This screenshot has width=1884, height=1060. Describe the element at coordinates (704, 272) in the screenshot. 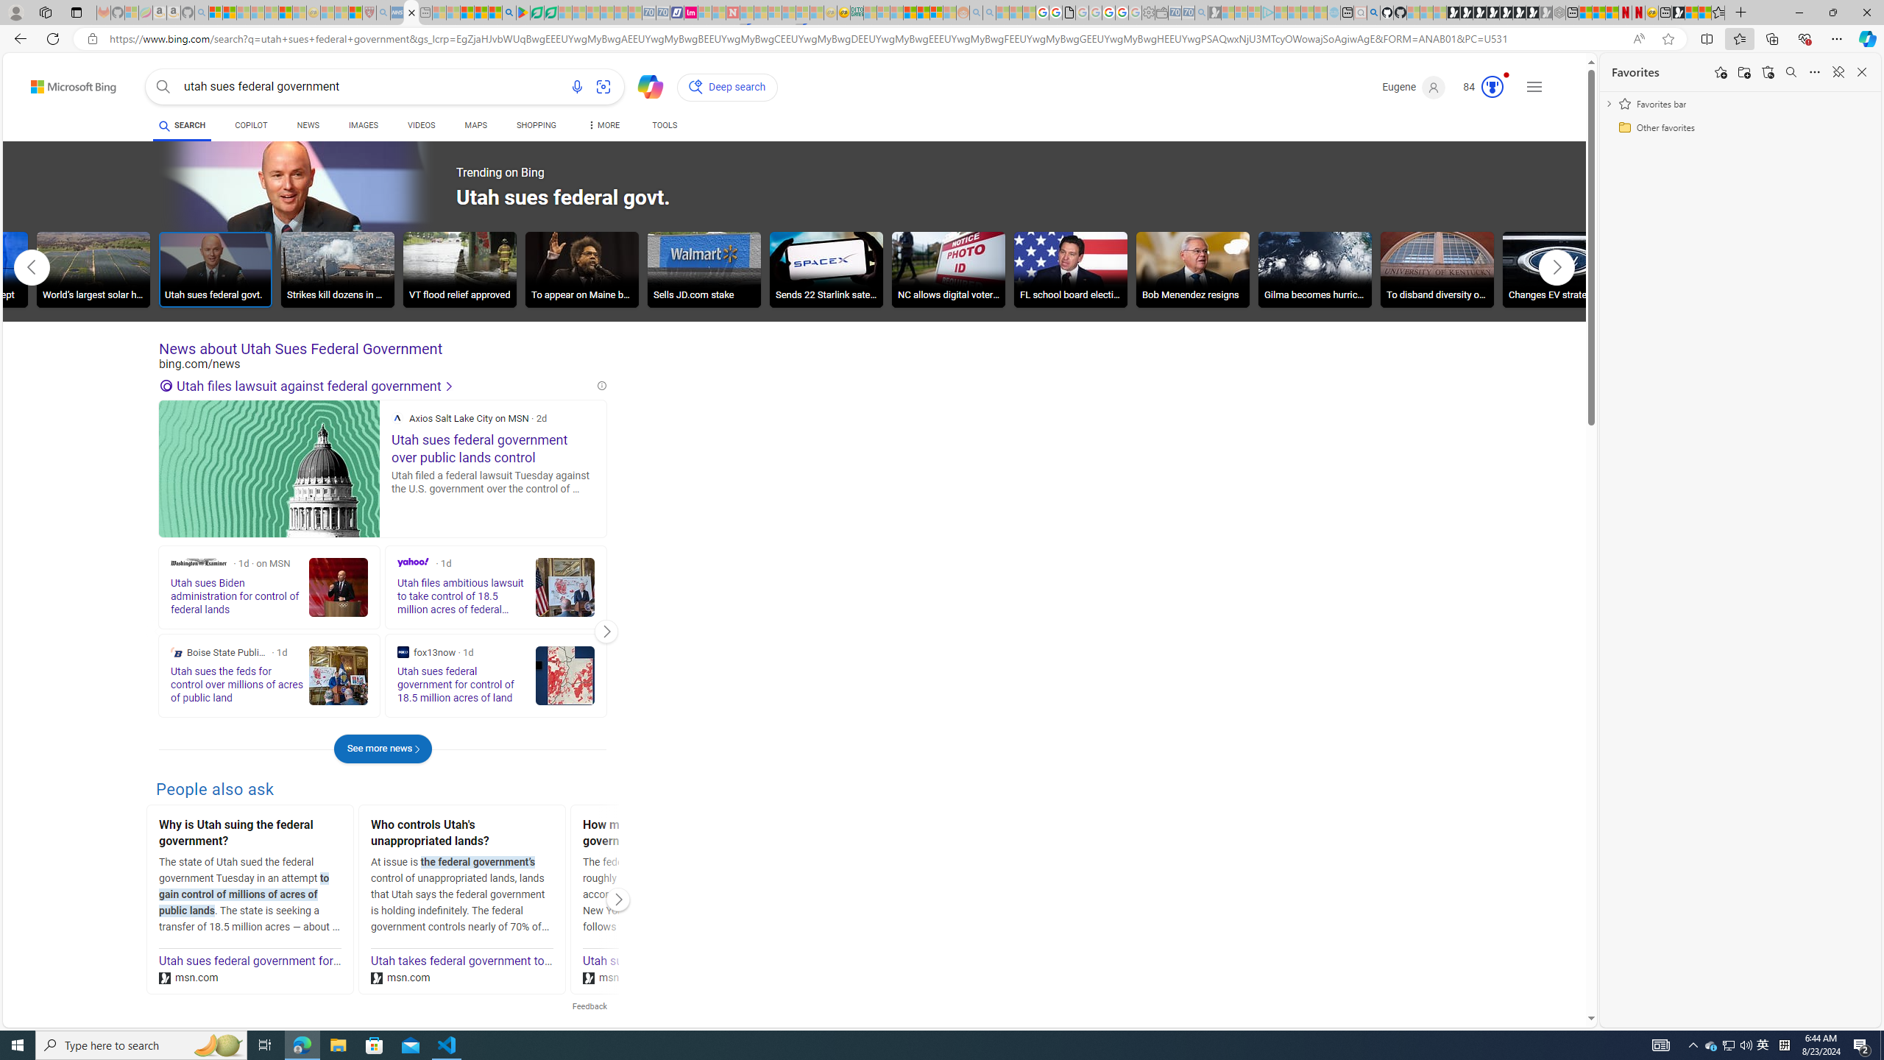

I see `'Sells JD.com stake'` at that location.